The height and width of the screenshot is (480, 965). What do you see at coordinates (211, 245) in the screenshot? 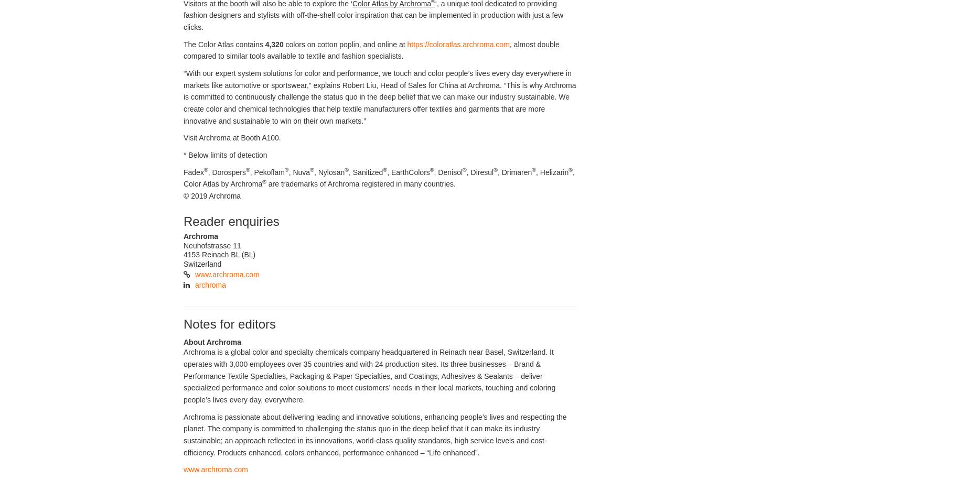
I see `'Neuhofstrasse 11'` at bounding box center [211, 245].